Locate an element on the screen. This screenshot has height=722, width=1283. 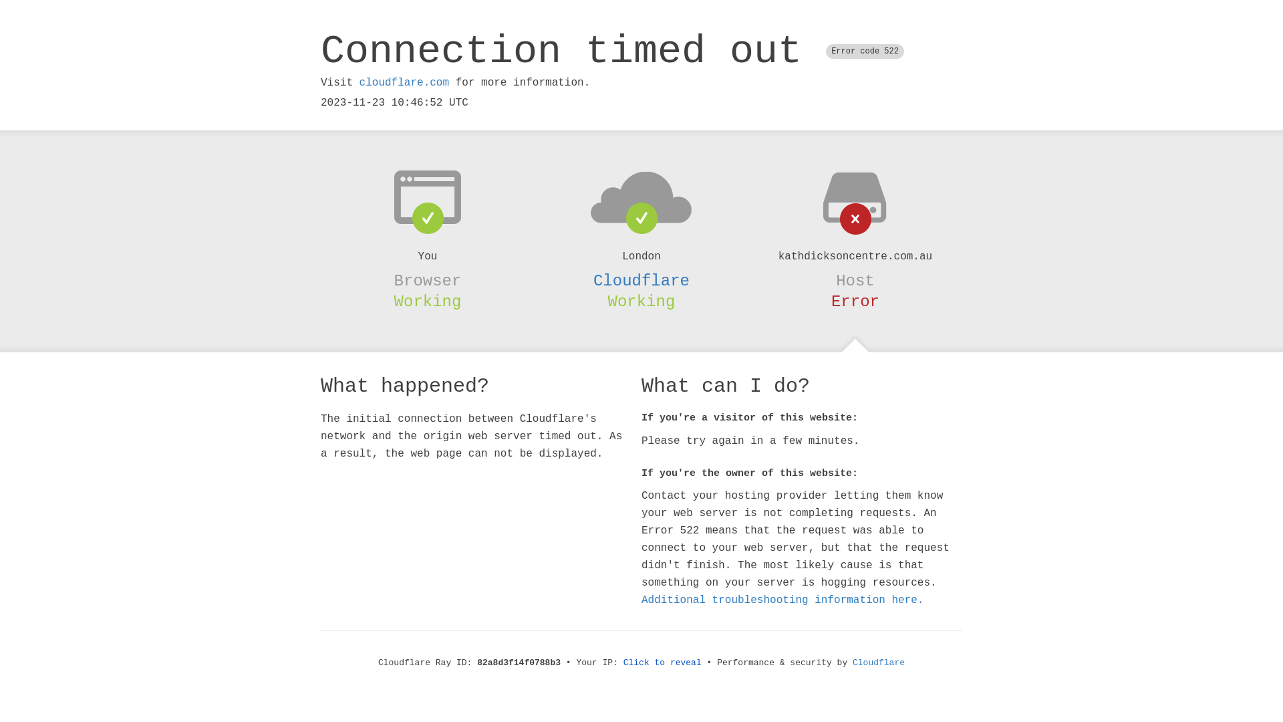
'Cloudflare' is located at coordinates (641, 280).